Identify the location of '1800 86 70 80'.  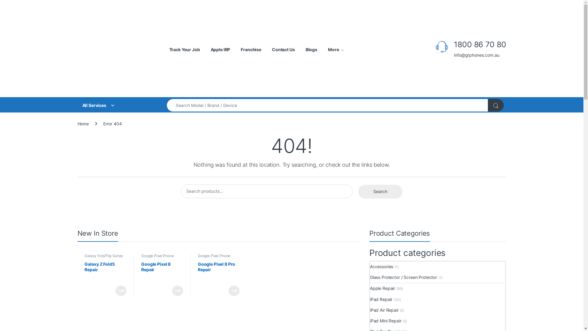
(479, 44).